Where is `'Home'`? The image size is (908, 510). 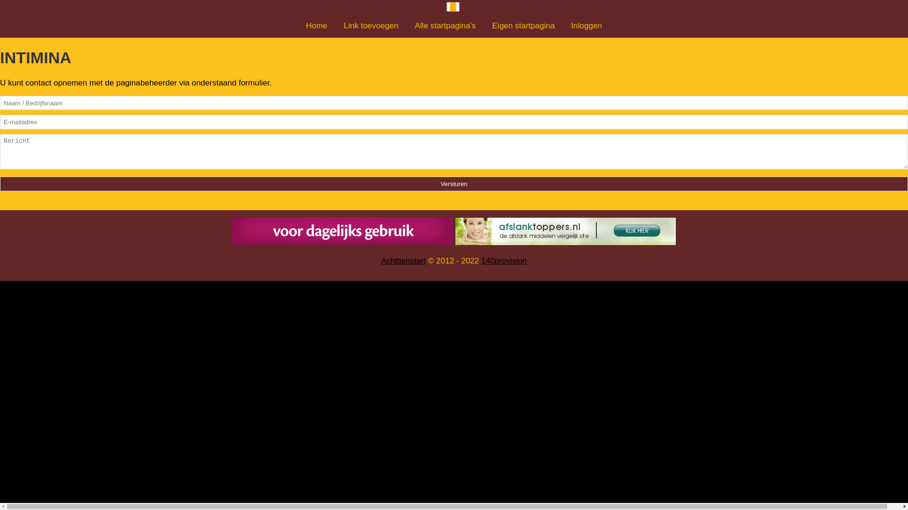 'Home' is located at coordinates (316, 25).